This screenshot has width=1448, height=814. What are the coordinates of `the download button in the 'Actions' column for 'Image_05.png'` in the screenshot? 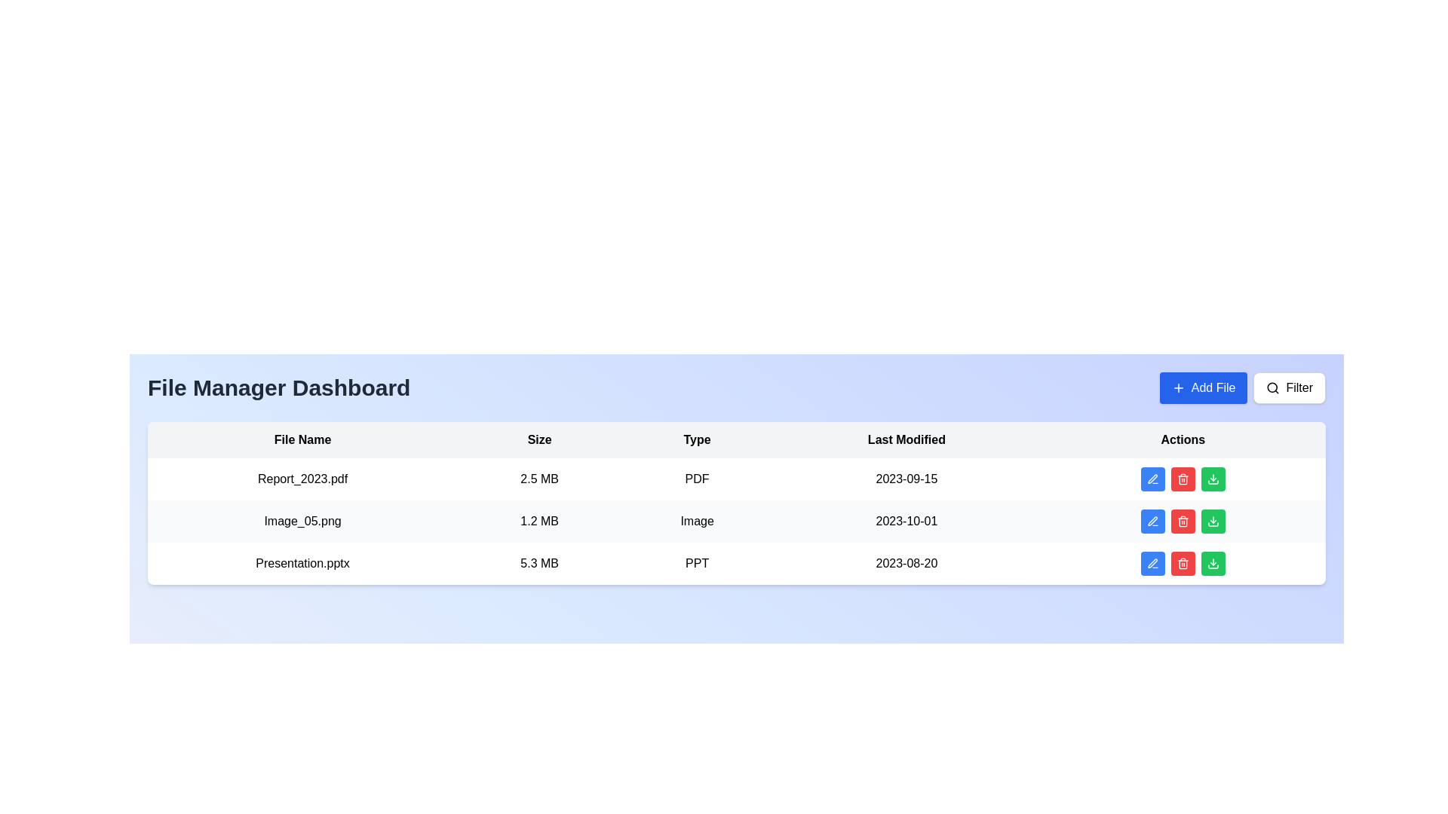 It's located at (1213, 479).